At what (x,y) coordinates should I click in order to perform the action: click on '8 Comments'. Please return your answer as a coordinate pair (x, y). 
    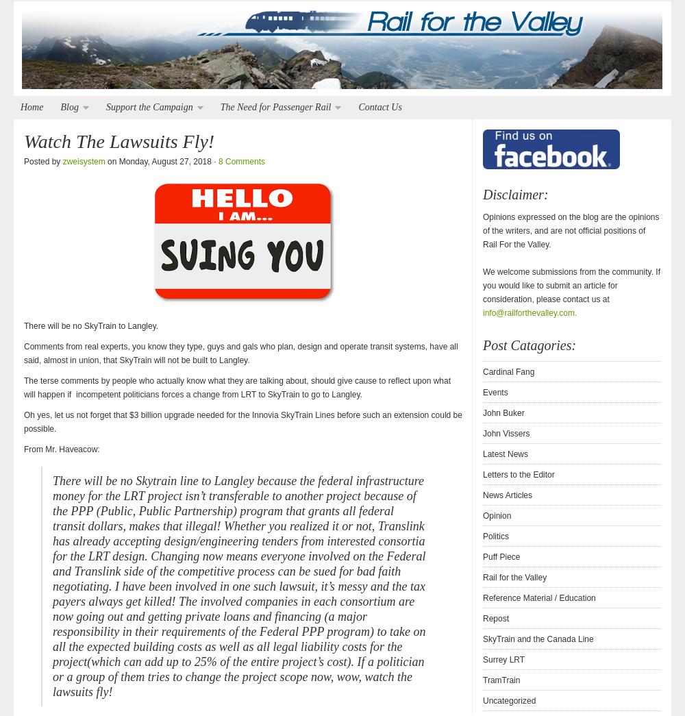
    Looking at the image, I should click on (240, 160).